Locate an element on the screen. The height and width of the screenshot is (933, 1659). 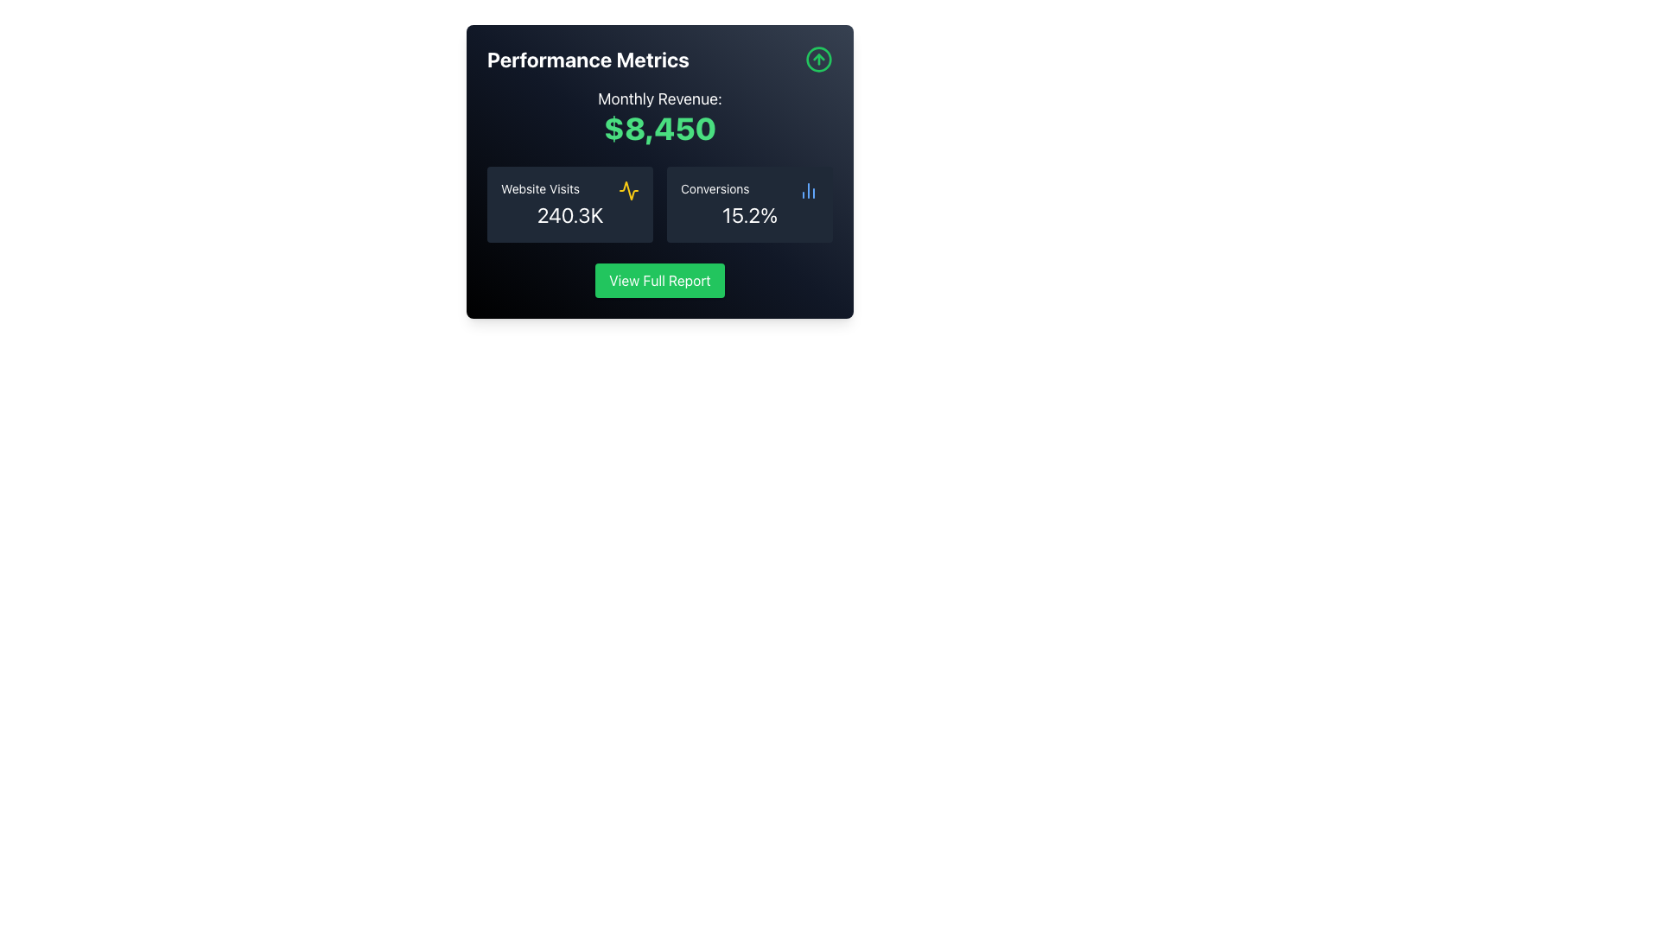
the 'Performance Metrics' element, which features bold white text and a green upward arrow icon on a dark gradient panel is located at coordinates (658, 59).